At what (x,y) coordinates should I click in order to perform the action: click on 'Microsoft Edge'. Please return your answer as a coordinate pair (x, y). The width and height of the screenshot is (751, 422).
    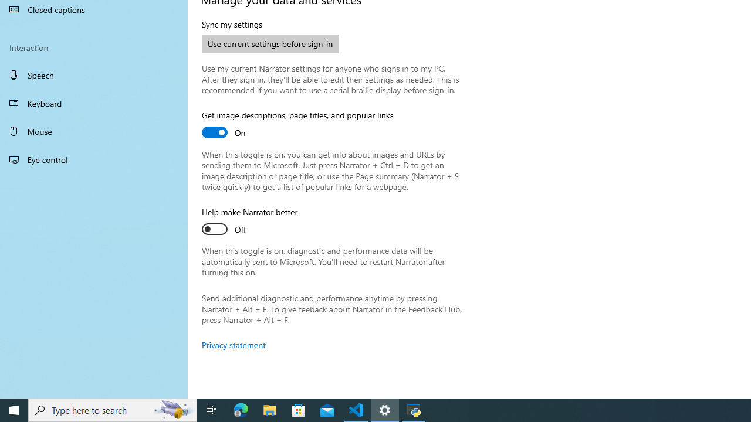
    Looking at the image, I should click on (241, 409).